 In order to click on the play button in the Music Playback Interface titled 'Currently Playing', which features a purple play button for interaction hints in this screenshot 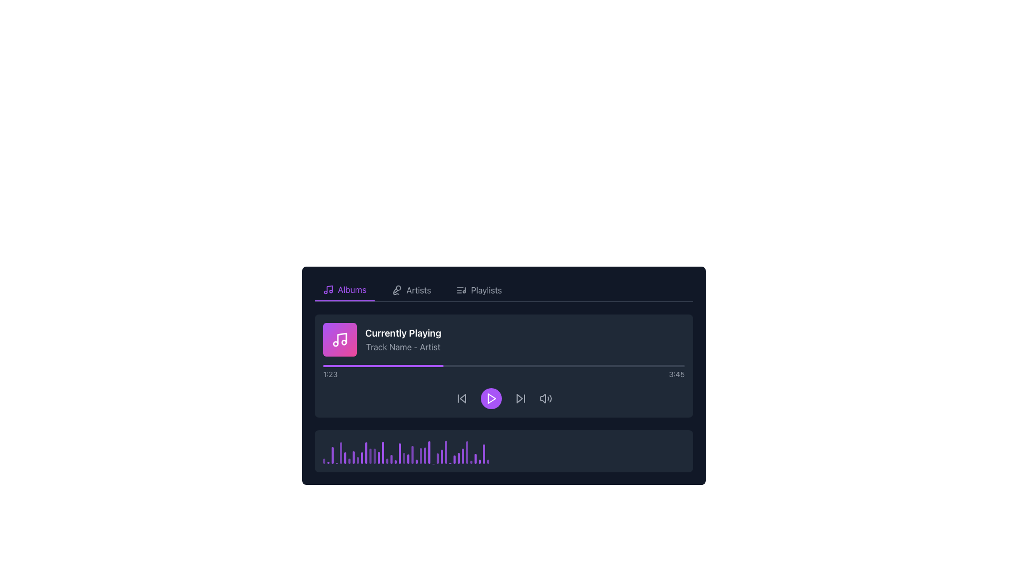, I will do `click(503, 393)`.